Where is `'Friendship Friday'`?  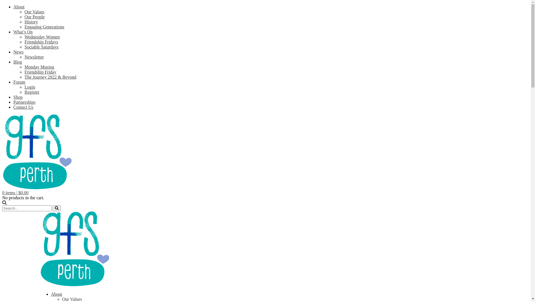 'Friendship Friday' is located at coordinates (40, 72).